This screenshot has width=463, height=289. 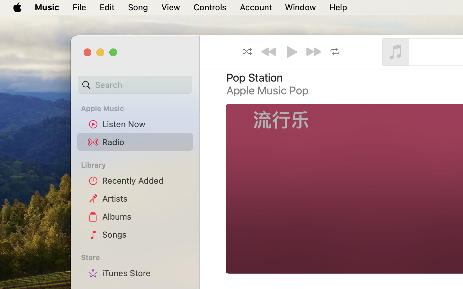 What do you see at coordinates (134, 164) in the screenshot?
I see `'Library'` at bounding box center [134, 164].